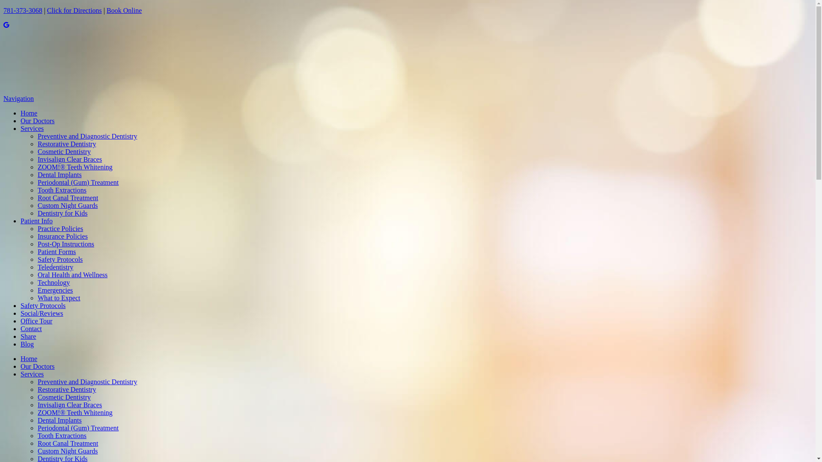 The width and height of the screenshot is (822, 462). I want to click on 'Patient Info', so click(36, 220).